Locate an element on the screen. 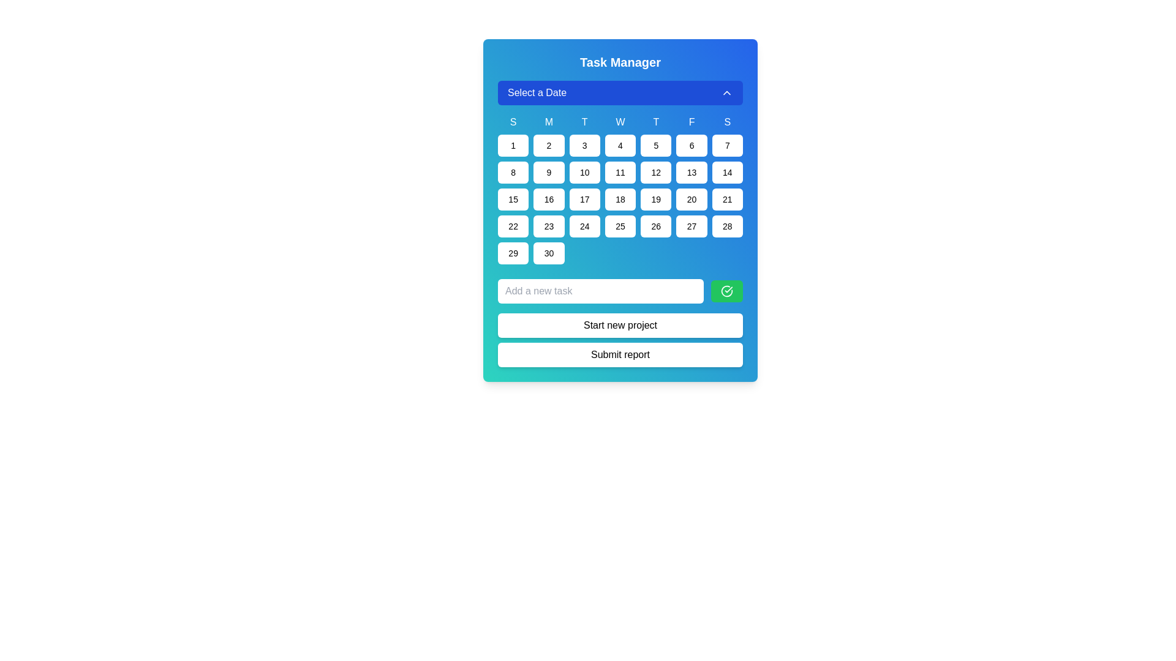 Image resolution: width=1176 pixels, height=661 pixels. the button representing the 22nd day of the month in the calendar grid is located at coordinates (513, 226).